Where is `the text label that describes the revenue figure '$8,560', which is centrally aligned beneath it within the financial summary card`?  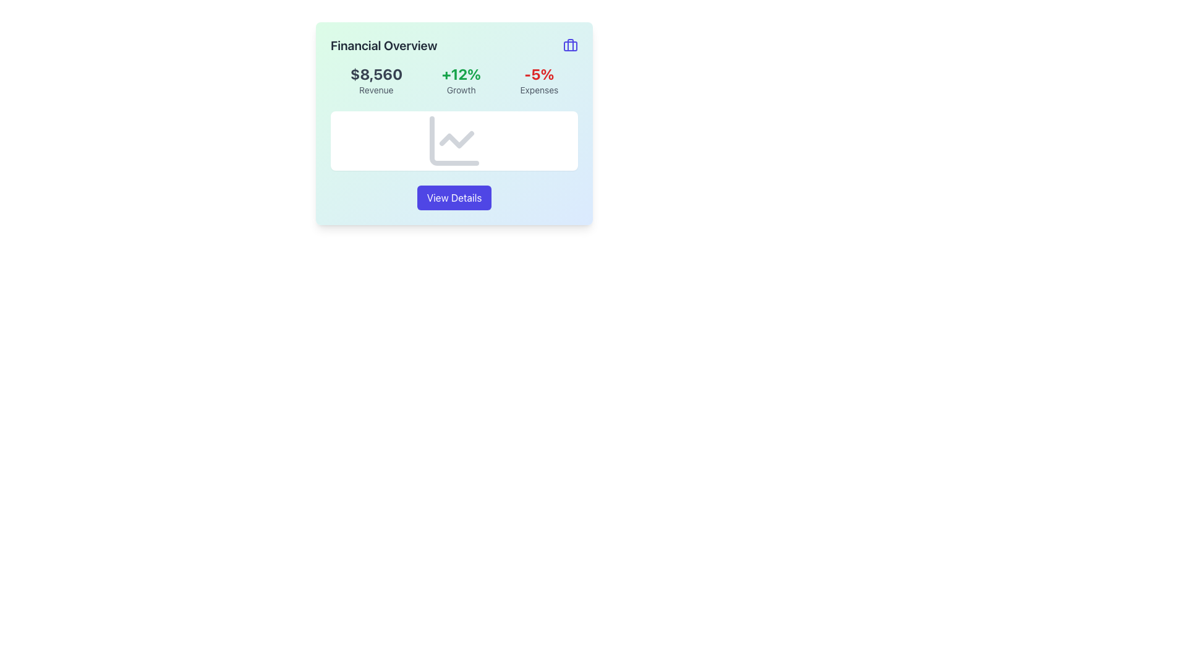
the text label that describes the revenue figure '$8,560', which is centrally aligned beneath it within the financial summary card is located at coordinates (375, 90).